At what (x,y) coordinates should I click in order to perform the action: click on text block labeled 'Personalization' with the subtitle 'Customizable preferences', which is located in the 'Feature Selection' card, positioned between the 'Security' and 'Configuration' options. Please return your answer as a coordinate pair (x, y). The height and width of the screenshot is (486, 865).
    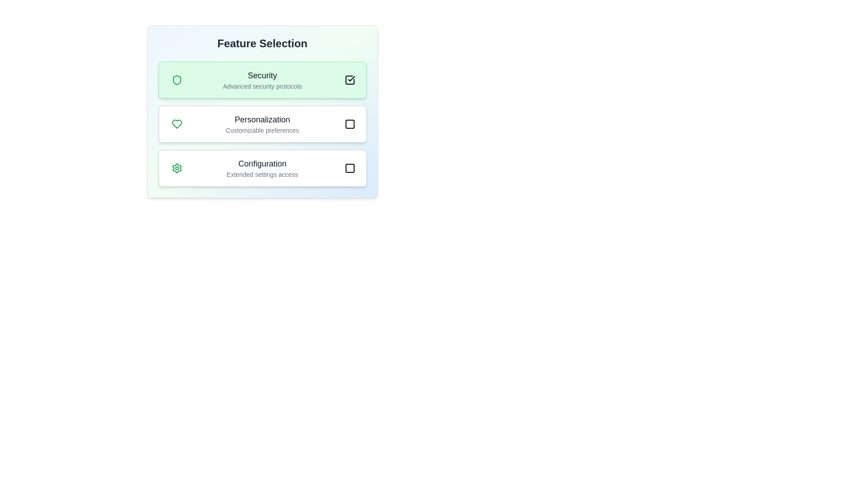
    Looking at the image, I should click on (262, 124).